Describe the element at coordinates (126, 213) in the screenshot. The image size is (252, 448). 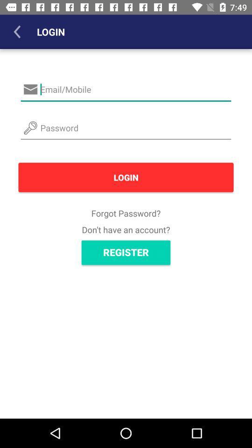
I see `forgot password?` at that location.